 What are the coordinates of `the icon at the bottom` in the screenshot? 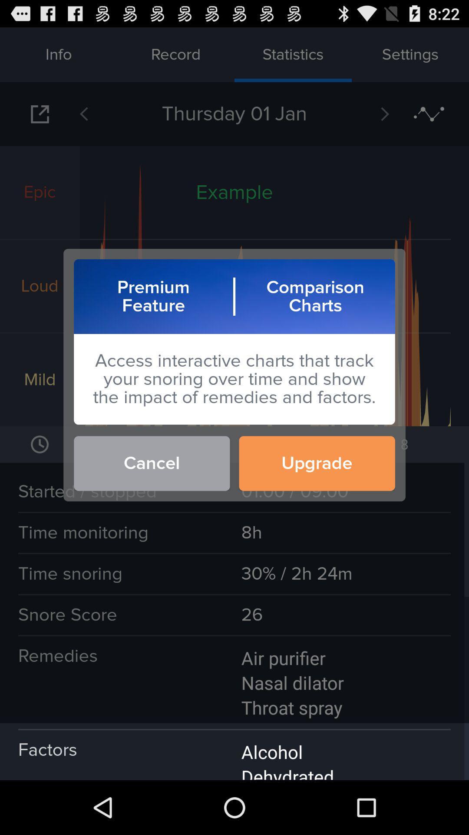 It's located at (234, 751).